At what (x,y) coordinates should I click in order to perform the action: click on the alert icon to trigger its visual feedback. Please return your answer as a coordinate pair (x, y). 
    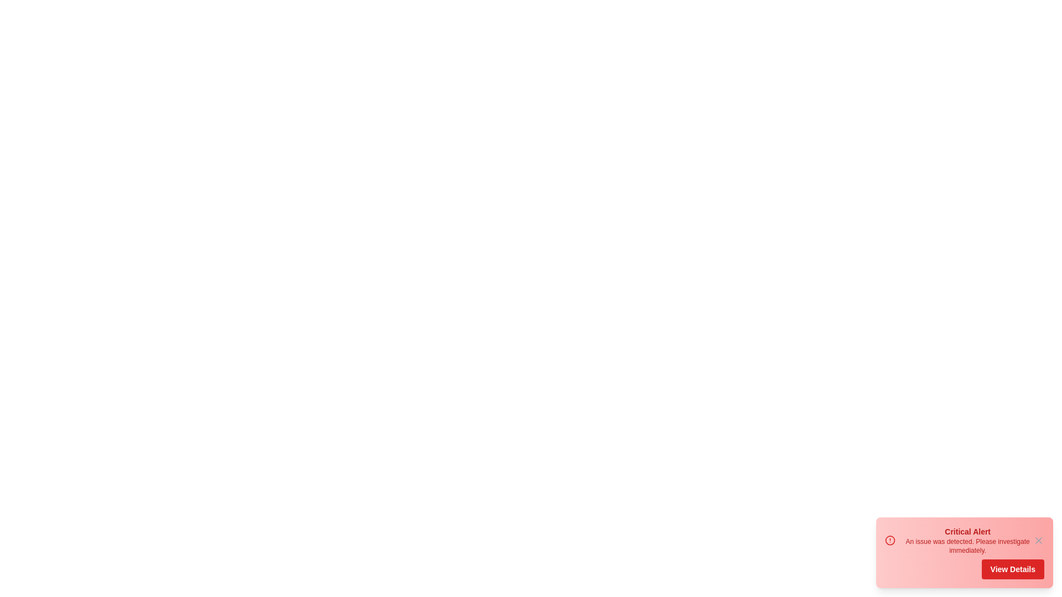
    Looking at the image, I should click on (890, 540).